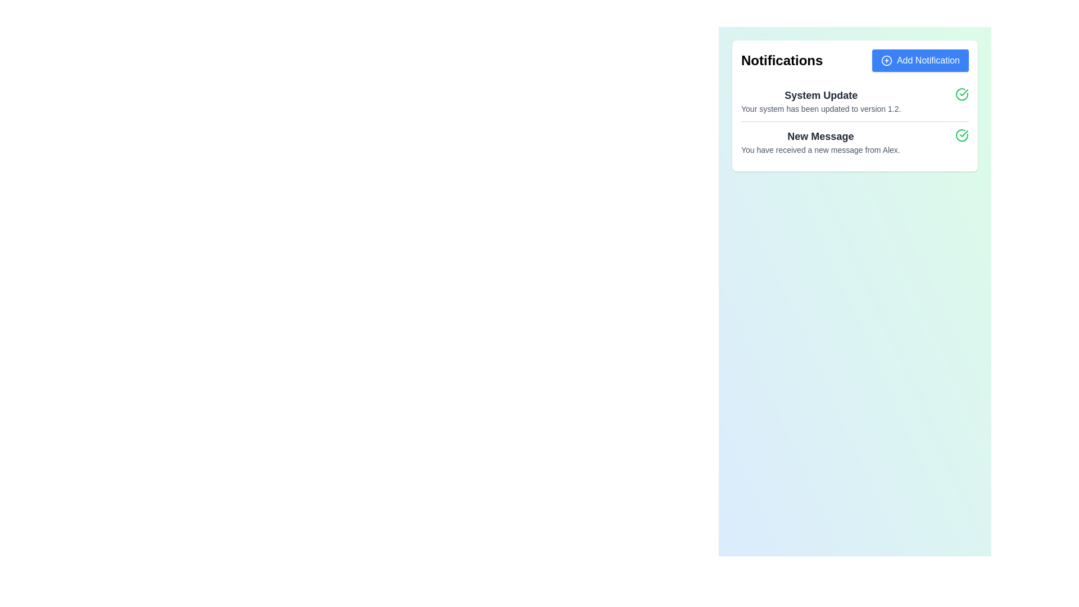  What do you see at coordinates (854, 141) in the screenshot?
I see `the second notification element that informs the user of a new message from Alex, which is located directly below the 'System Update' notification` at bounding box center [854, 141].